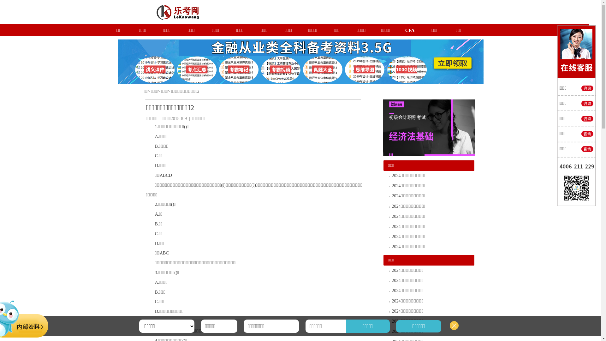 This screenshot has height=341, width=606. What do you see at coordinates (410, 30) in the screenshot?
I see `'CFA'` at bounding box center [410, 30].